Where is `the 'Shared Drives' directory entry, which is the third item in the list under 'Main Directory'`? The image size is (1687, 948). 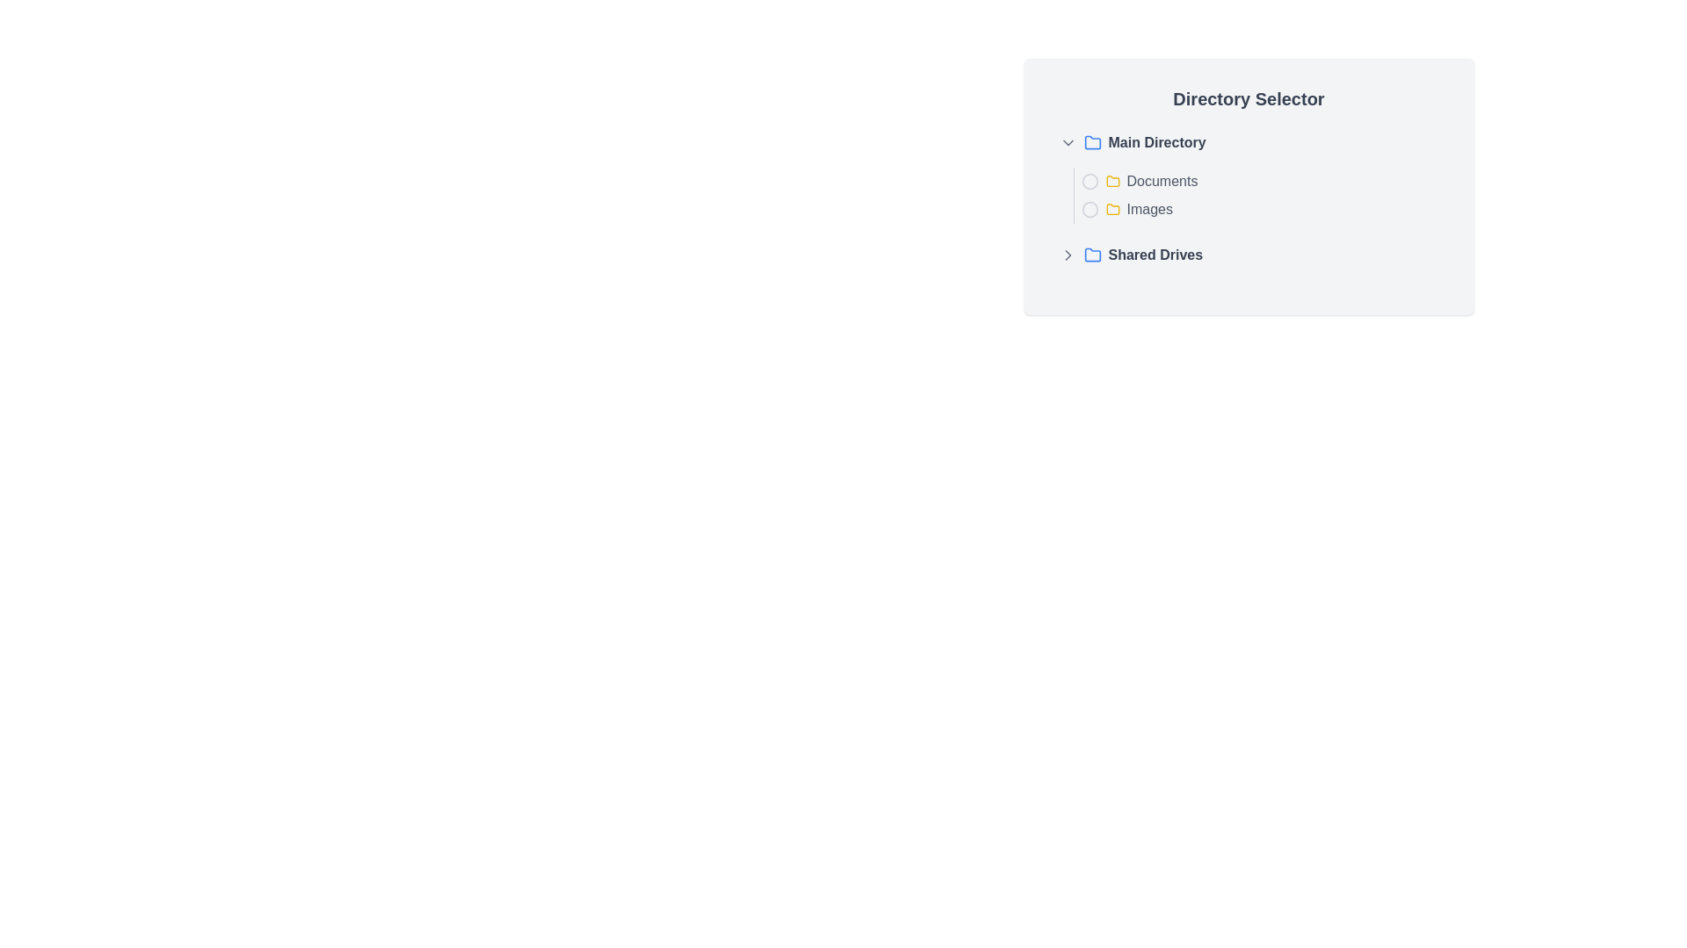 the 'Shared Drives' directory entry, which is the third item in the list under 'Main Directory' is located at coordinates (1248, 255).